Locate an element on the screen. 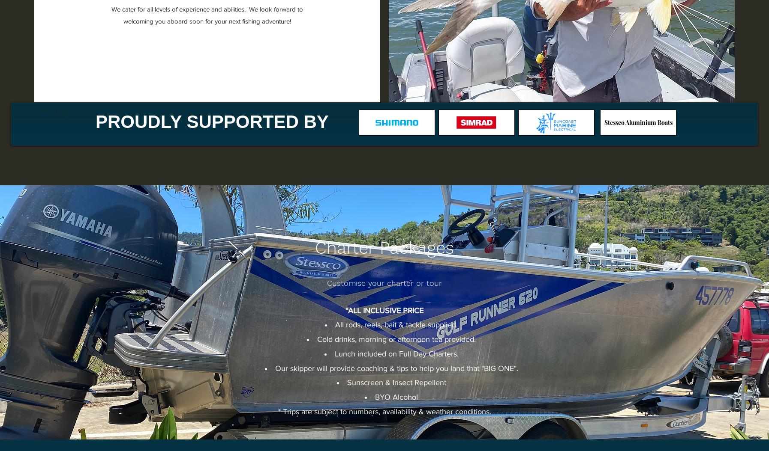 This screenshot has height=451, width=769. 'Our skipper will provide coaching & tips to help you land that "BIG ONE".' is located at coordinates (396, 368).